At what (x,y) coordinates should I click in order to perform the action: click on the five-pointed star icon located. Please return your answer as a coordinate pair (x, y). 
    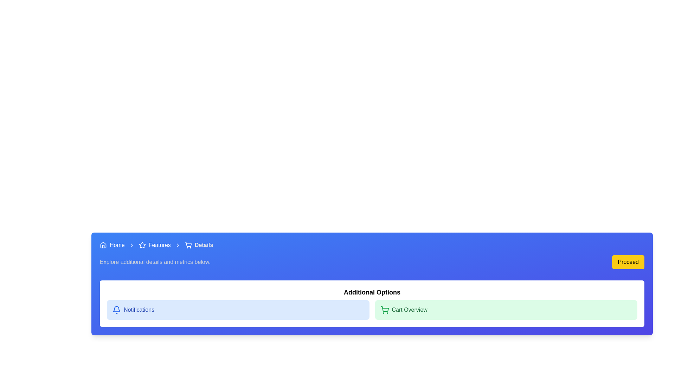
    Looking at the image, I should click on (142, 245).